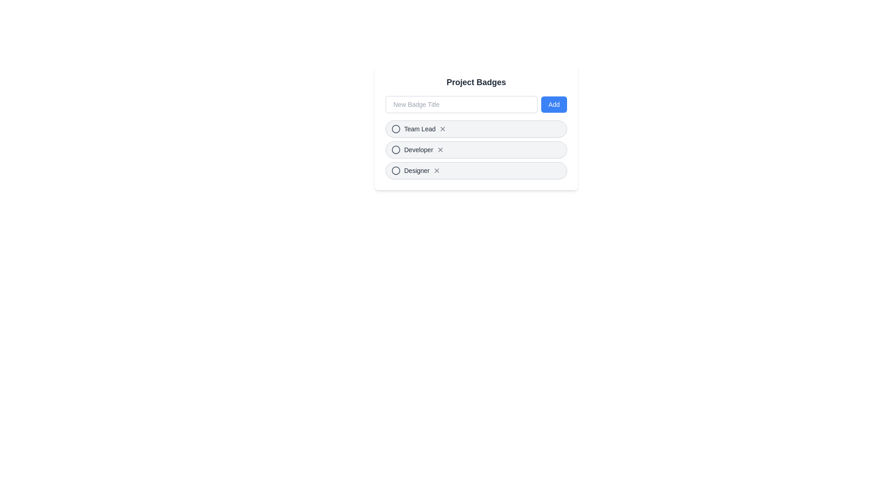 The width and height of the screenshot is (871, 489). I want to click on the badge labeled Designer by clicking the corresponding 'X' button, so click(437, 171).